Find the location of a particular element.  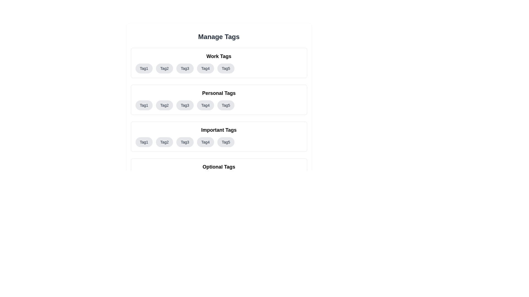

text label 'Personal Tags' which is styled in a larger font size and bold formatting, located in the second section of a vertically aligned list of tag categories is located at coordinates (218, 93).